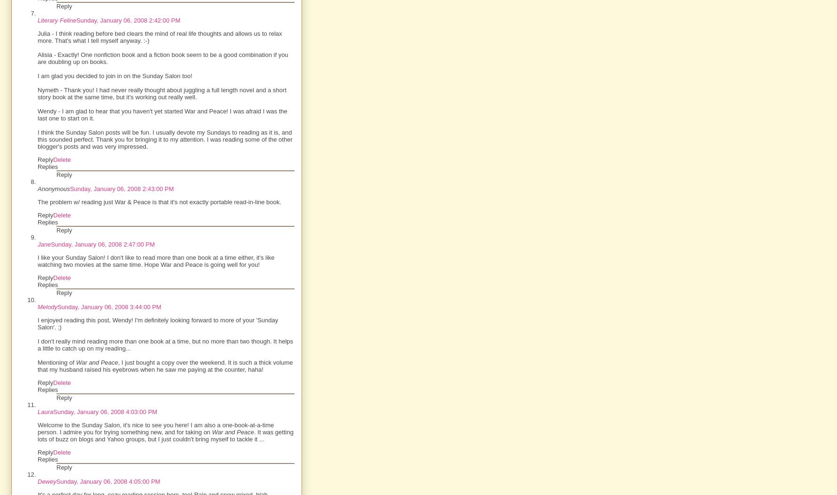 This screenshot has width=837, height=495. I want to click on 'Sunday, January 06, 2008 2:42:00 PM', so click(128, 20).